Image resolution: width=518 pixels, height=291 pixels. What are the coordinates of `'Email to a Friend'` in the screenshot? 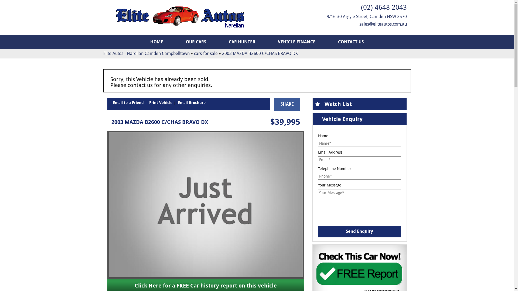 It's located at (128, 103).